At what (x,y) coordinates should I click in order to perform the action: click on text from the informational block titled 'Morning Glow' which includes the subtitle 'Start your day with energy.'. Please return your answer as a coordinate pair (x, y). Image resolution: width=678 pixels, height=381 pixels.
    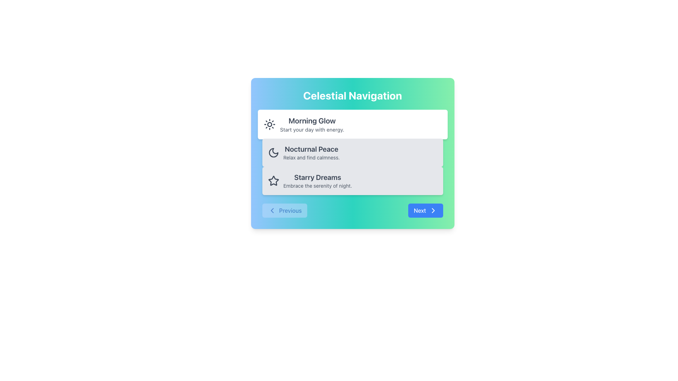
    Looking at the image, I should click on (311, 124).